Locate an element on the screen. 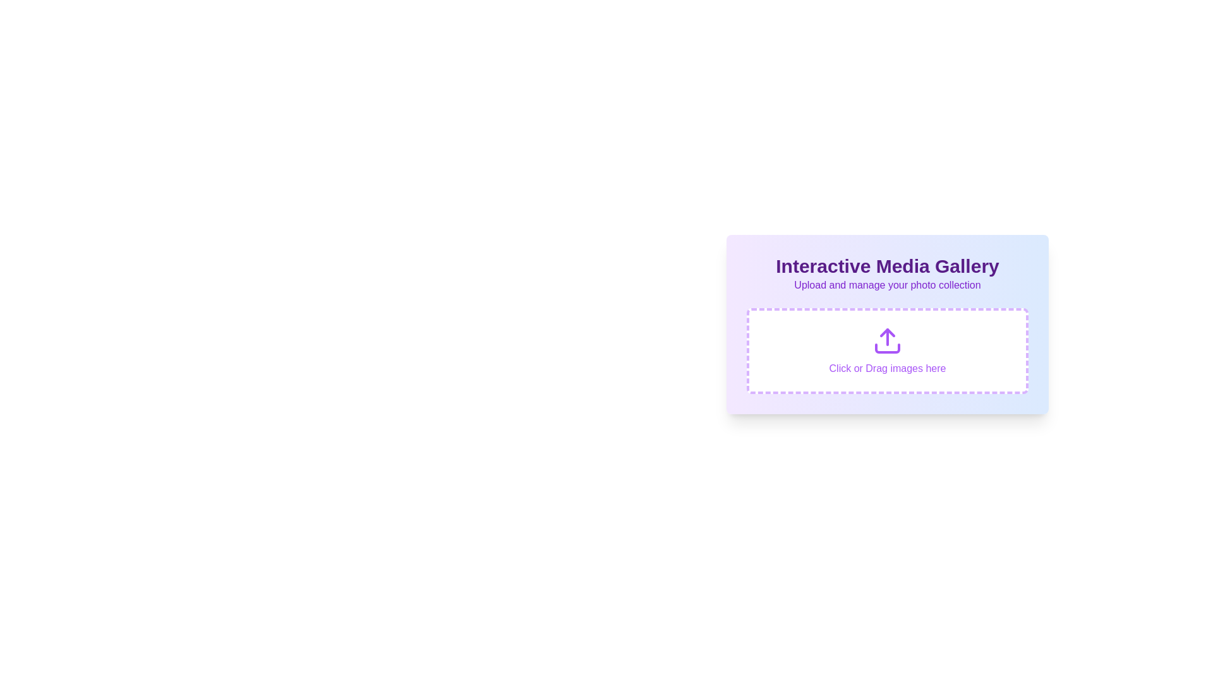  the upload icon that is centrally located within the dashed rectangular area labeled 'Click or Drag images here', which is part of the 'Interactive Media Gallery' panel is located at coordinates (887, 341).